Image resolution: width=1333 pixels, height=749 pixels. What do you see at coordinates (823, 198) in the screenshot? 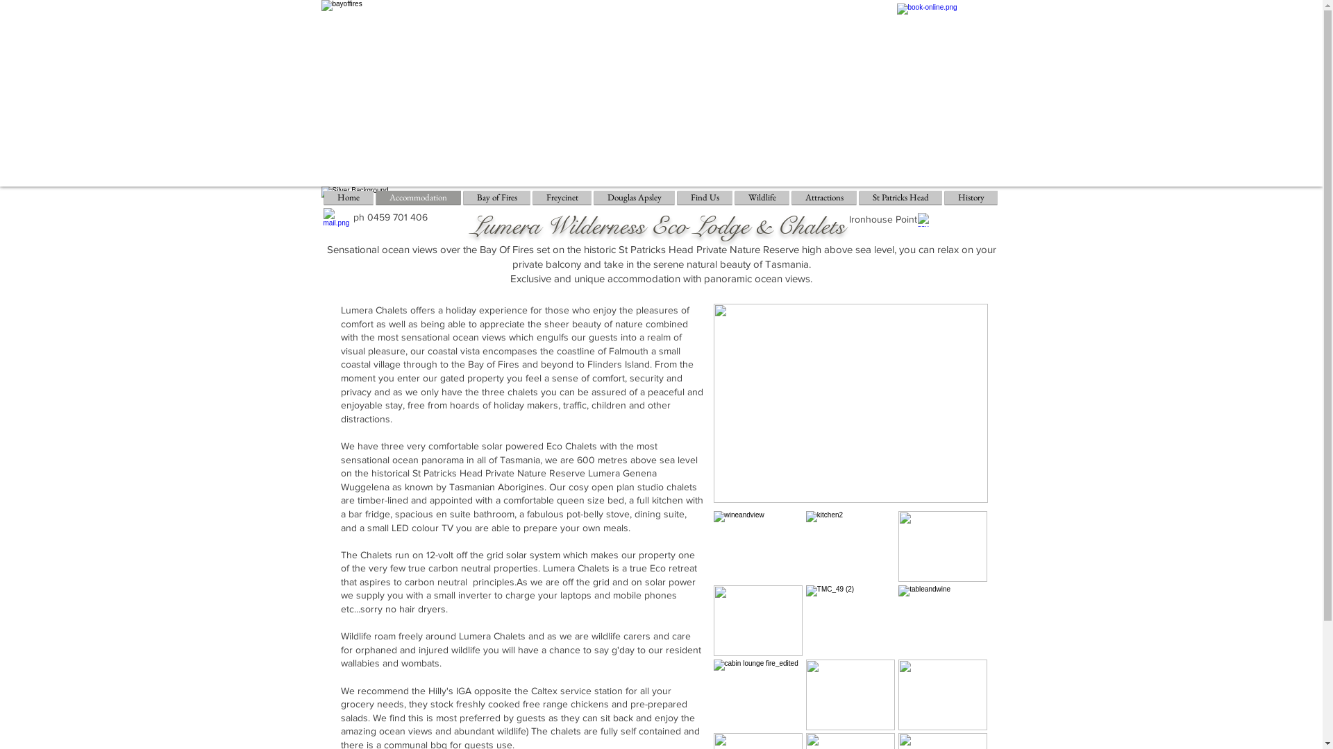
I see `'Attractions'` at bounding box center [823, 198].